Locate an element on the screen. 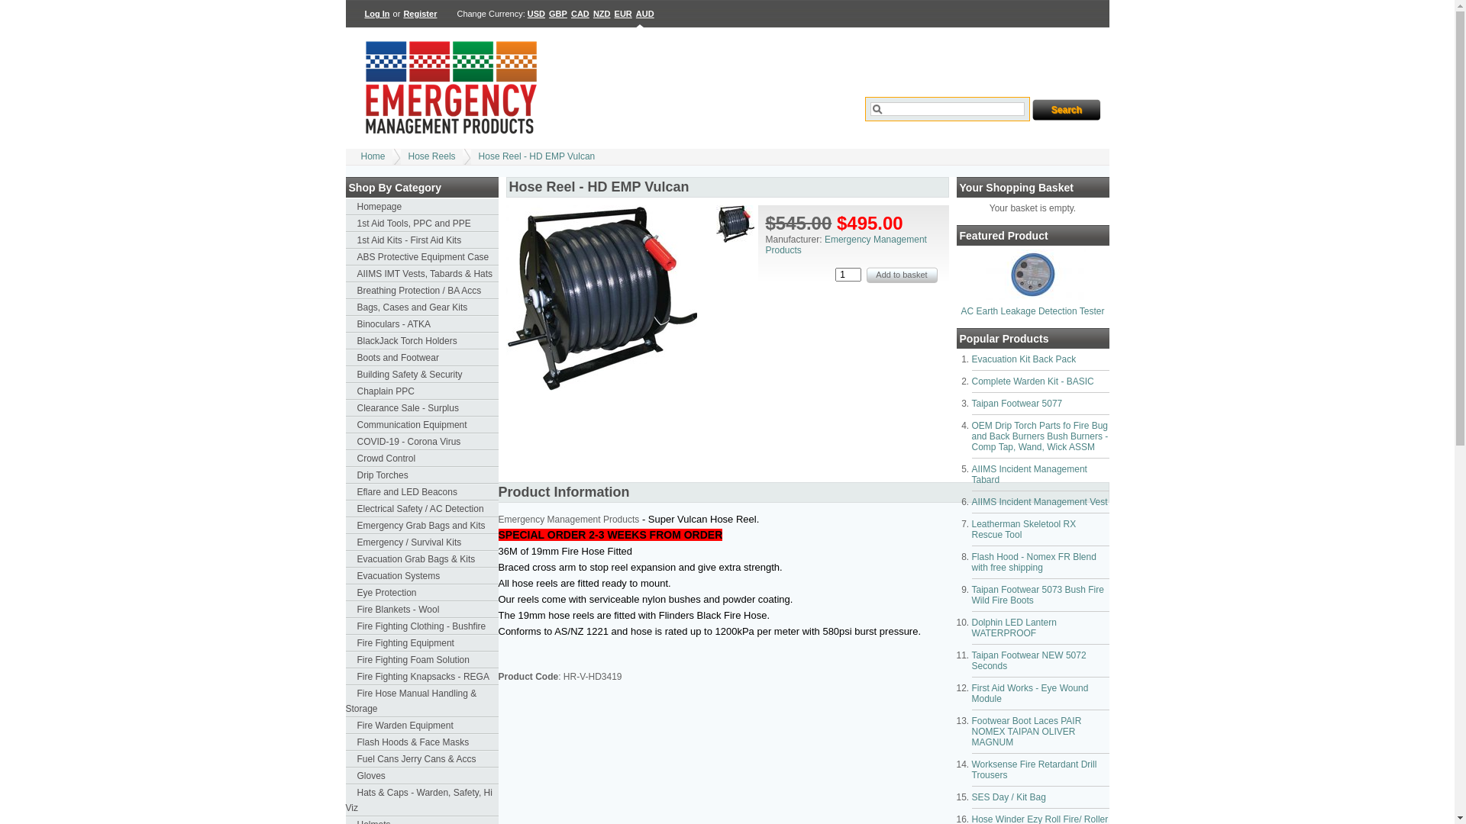 This screenshot has width=1466, height=824. 'ABS Protective Equipment Case' is located at coordinates (421, 256).